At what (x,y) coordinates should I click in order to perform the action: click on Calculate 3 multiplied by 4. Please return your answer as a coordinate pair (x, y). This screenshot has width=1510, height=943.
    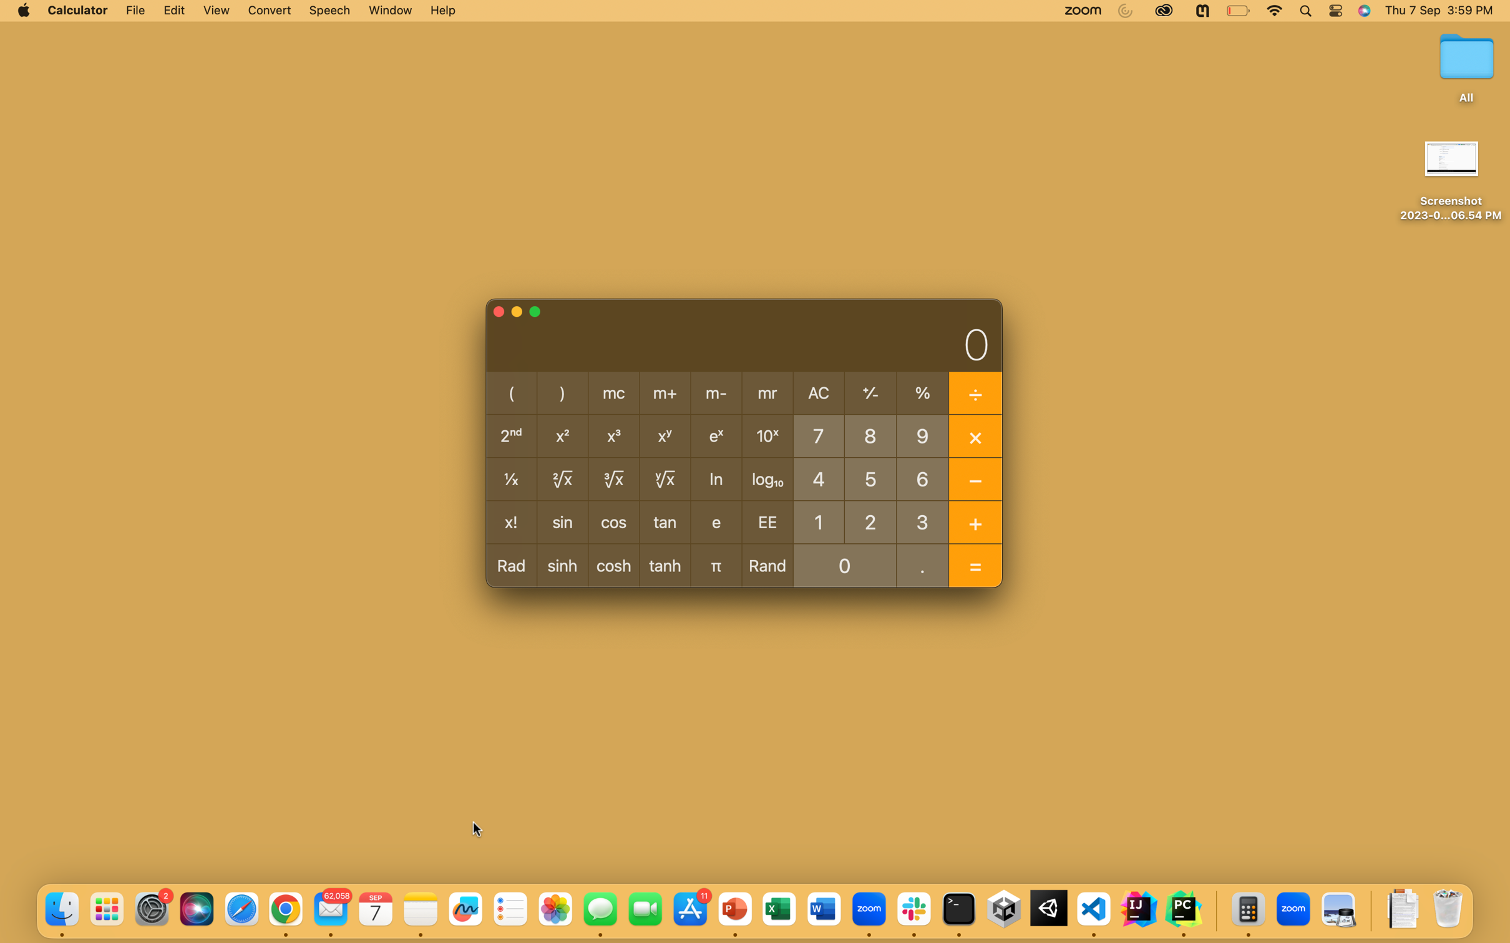
    Looking at the image, I should click on (923, 521).